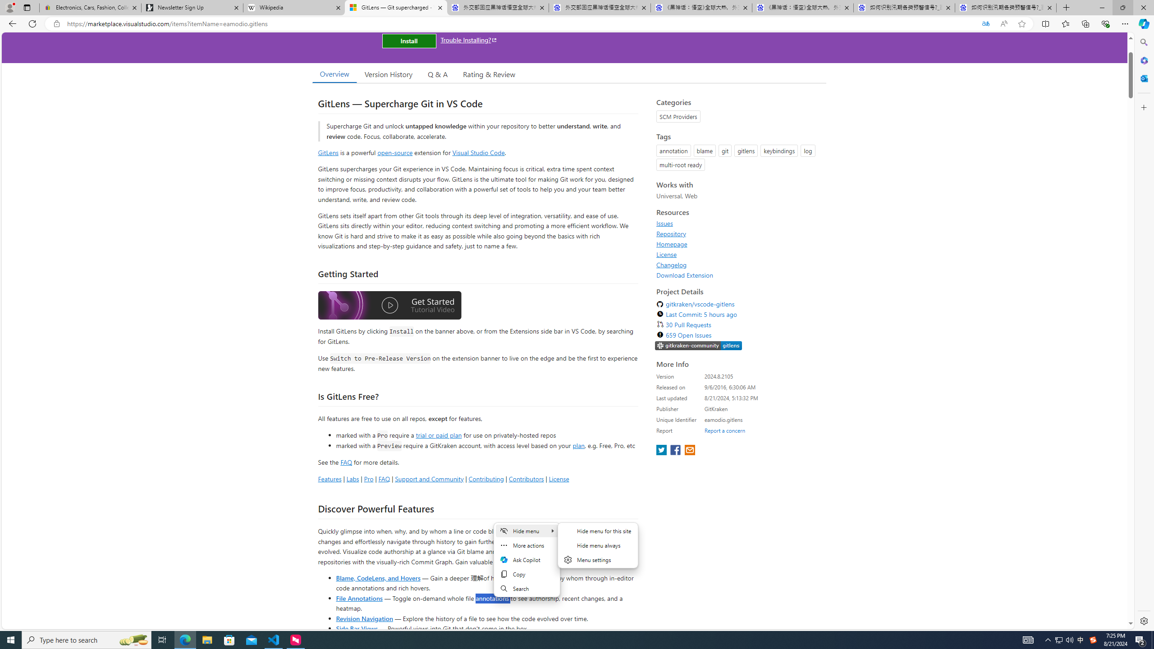 The image size is (1154, 649). What do you see at coordinates (356, 628) in the screenshot?
I see `'Side Bar Views'` at bounding box center [356, 628].